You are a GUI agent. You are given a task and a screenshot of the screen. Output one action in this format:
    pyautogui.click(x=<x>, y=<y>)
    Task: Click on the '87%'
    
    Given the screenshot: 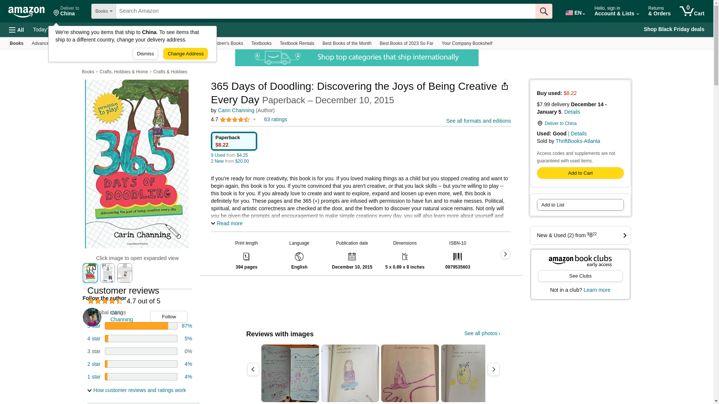 What is the action you would take?
    pyautogui.click(x=187, y=325)
    